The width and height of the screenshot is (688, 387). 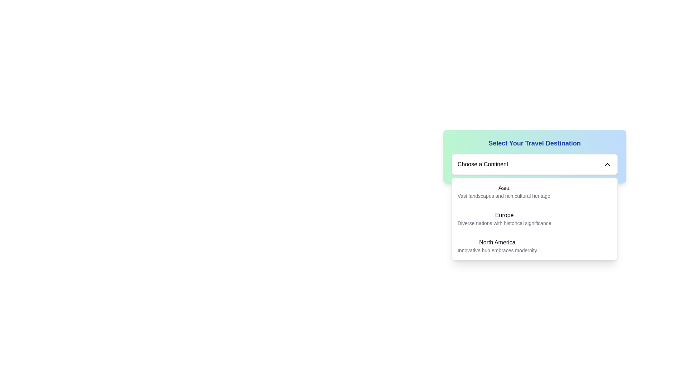 What do you see at coordinates (535, 191) in the screenshot?
I see `the dropdown menu item titled 'Asia'` at bounding box center [535, 191].